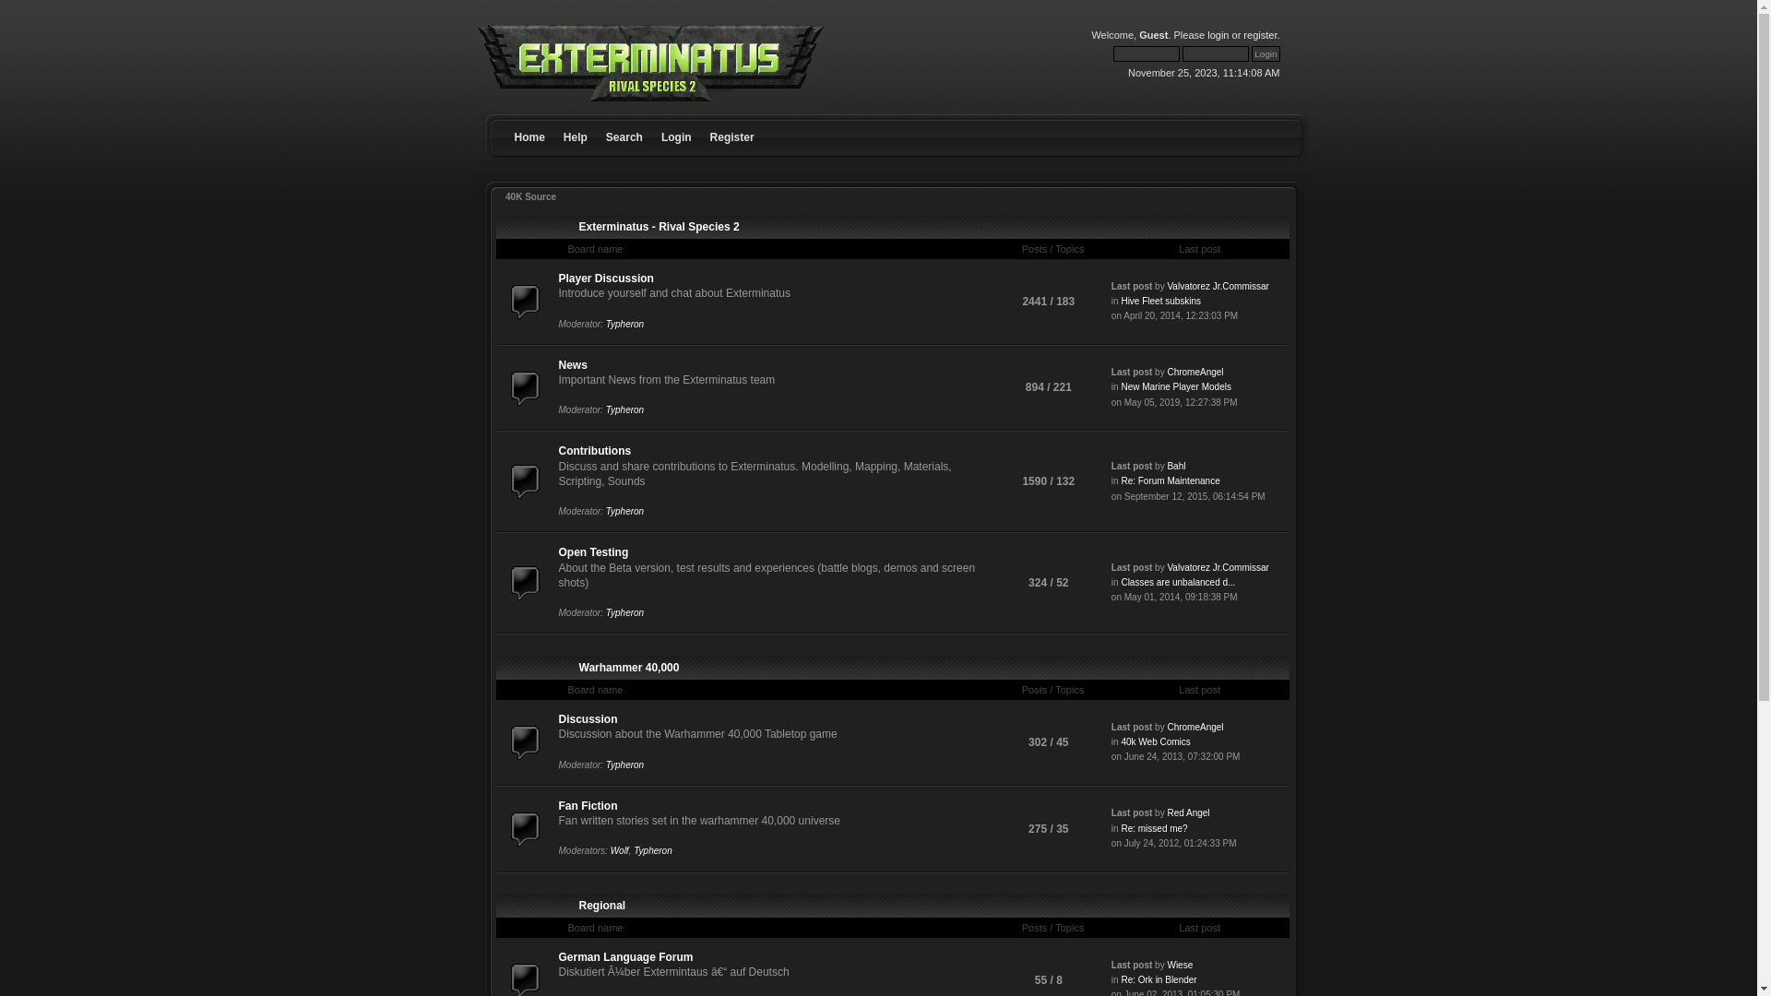 The image size is (1771, 996). I want to click on '40K Source', so click(529, 196).